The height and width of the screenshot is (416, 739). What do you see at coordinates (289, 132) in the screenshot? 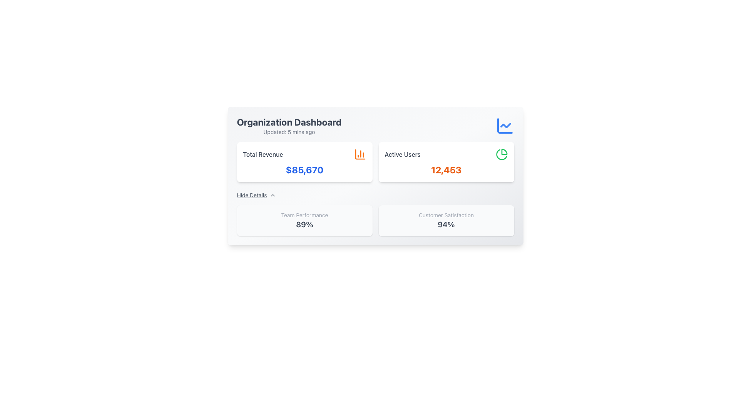
I see `informational text label displaying the last updated timestamp located directly below the 'Organization Dashboard' heading` at bounding box center [289, 132].